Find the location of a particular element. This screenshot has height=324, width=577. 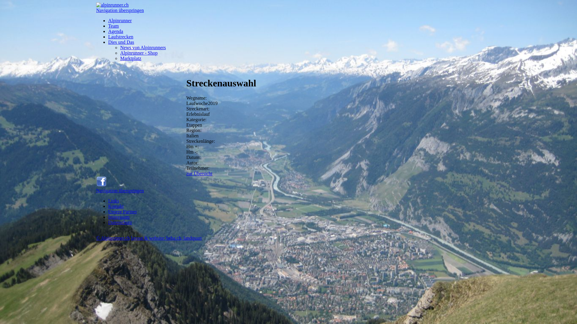

' startseite alpinrunner.ch' is located at coordinates (112, 5).